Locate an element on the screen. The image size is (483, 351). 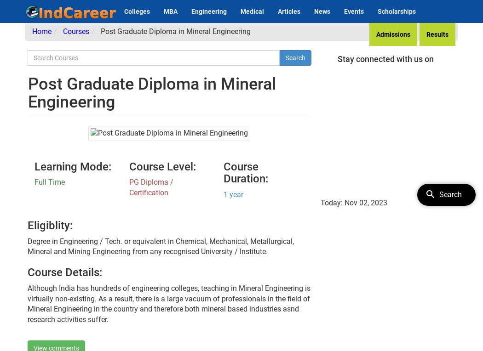
'Scholarships' is located at coordinates (397, 11).